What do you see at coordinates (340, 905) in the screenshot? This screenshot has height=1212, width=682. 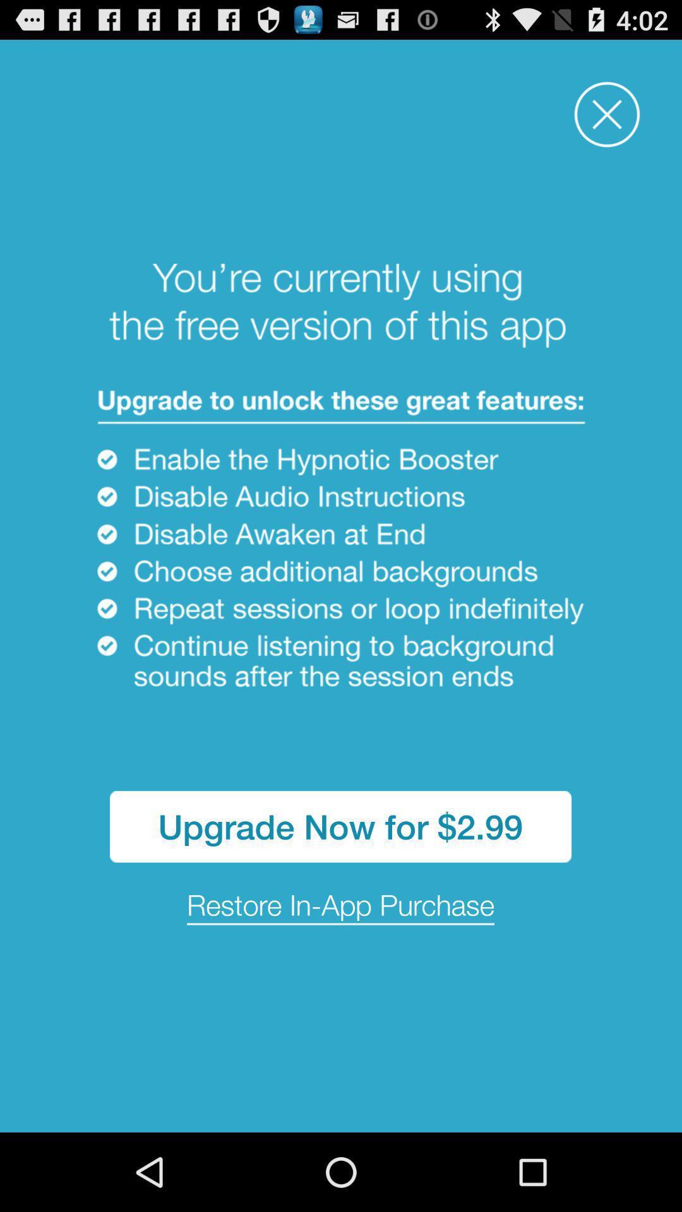 I see `restore in app icon` at bounding box center [340, 905].